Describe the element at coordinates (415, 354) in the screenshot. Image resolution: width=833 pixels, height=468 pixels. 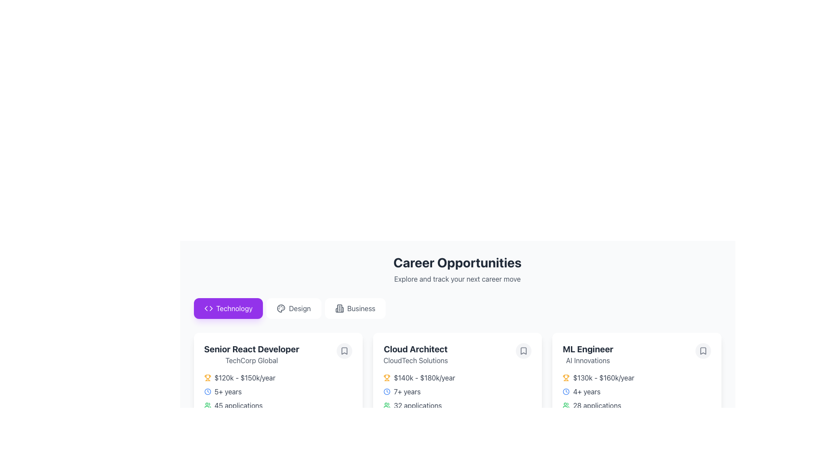
I see `job title 'Cloud Architect' and the company name 'CloudTech Solutions' from the header located at the top-left corner of the job card` at that location.